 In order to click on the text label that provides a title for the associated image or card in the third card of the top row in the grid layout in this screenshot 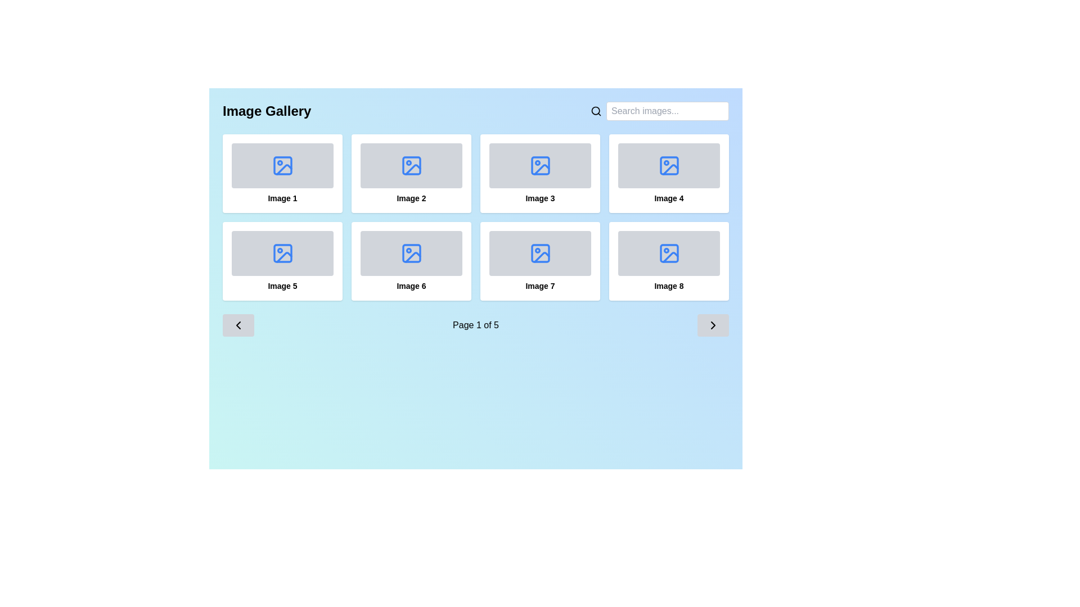, I will do `click(540, 198)`.